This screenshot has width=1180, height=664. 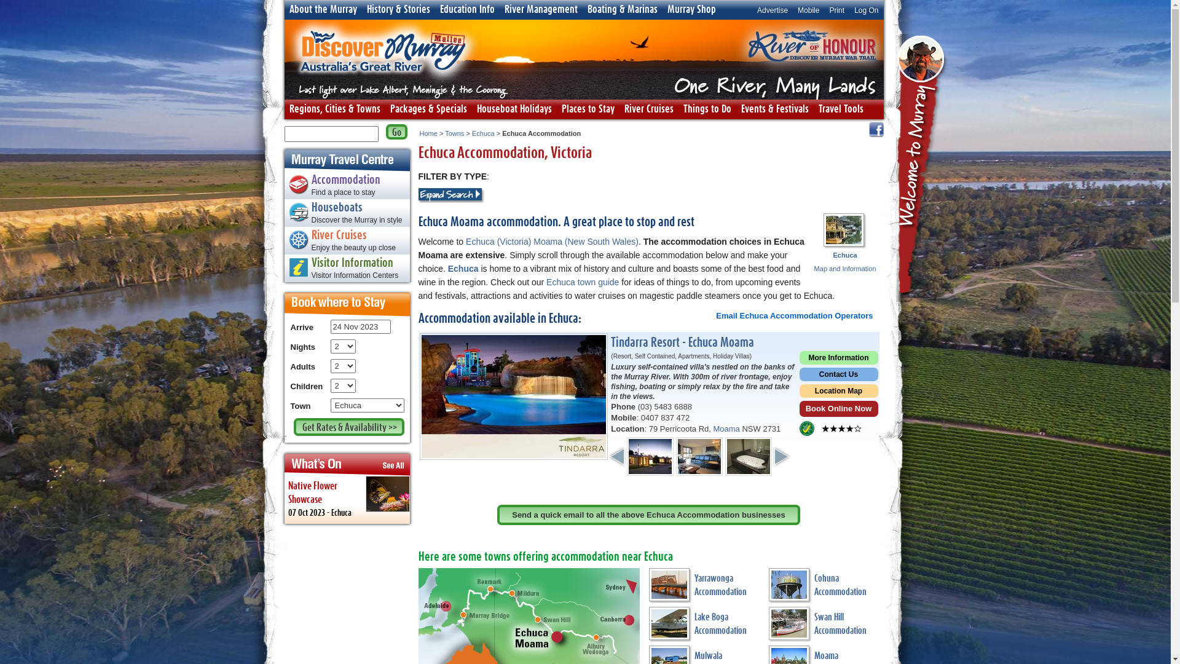 I want to click on ' ', so click(x=922, y=168).